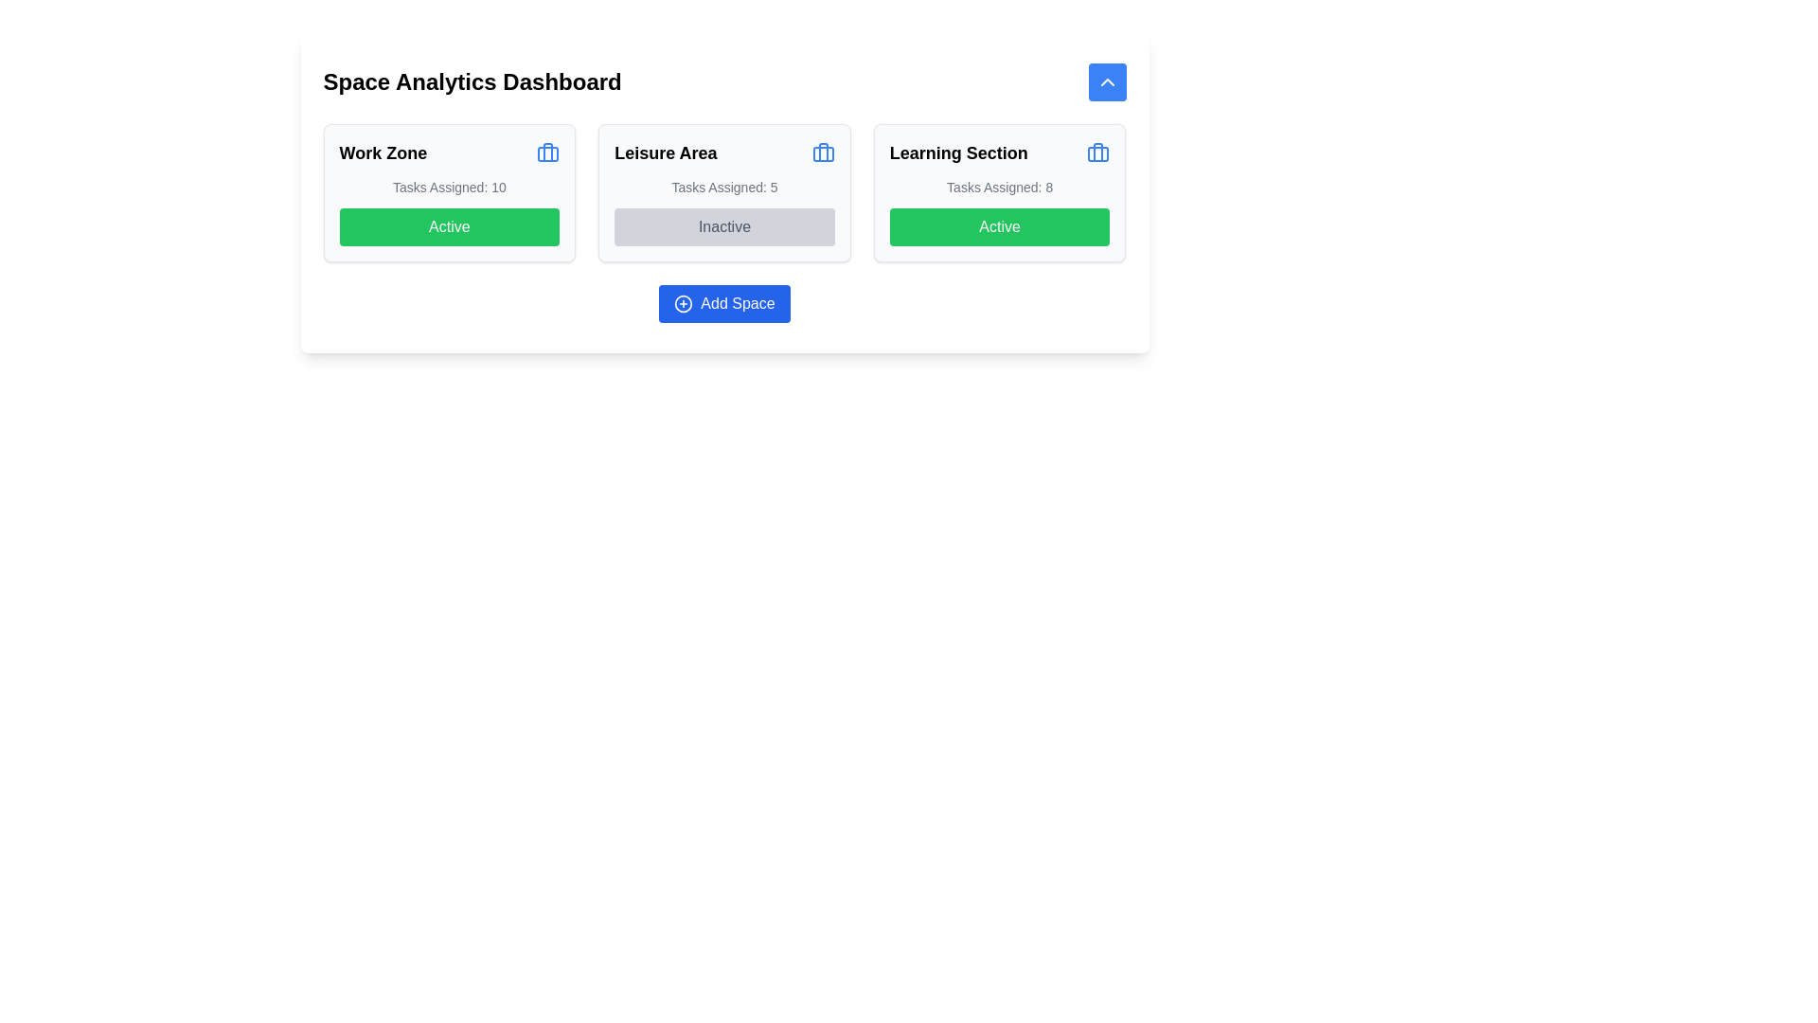 Image resolution: width=1818 pixels, height=1023 pixels. Describe the element at coordinates (999, 187) in the screenshot. I see `the static text label displaying 'Tasks Assigned: 8', which is located below the 'Learning Section' heading and above the 'Active' button` at that location.